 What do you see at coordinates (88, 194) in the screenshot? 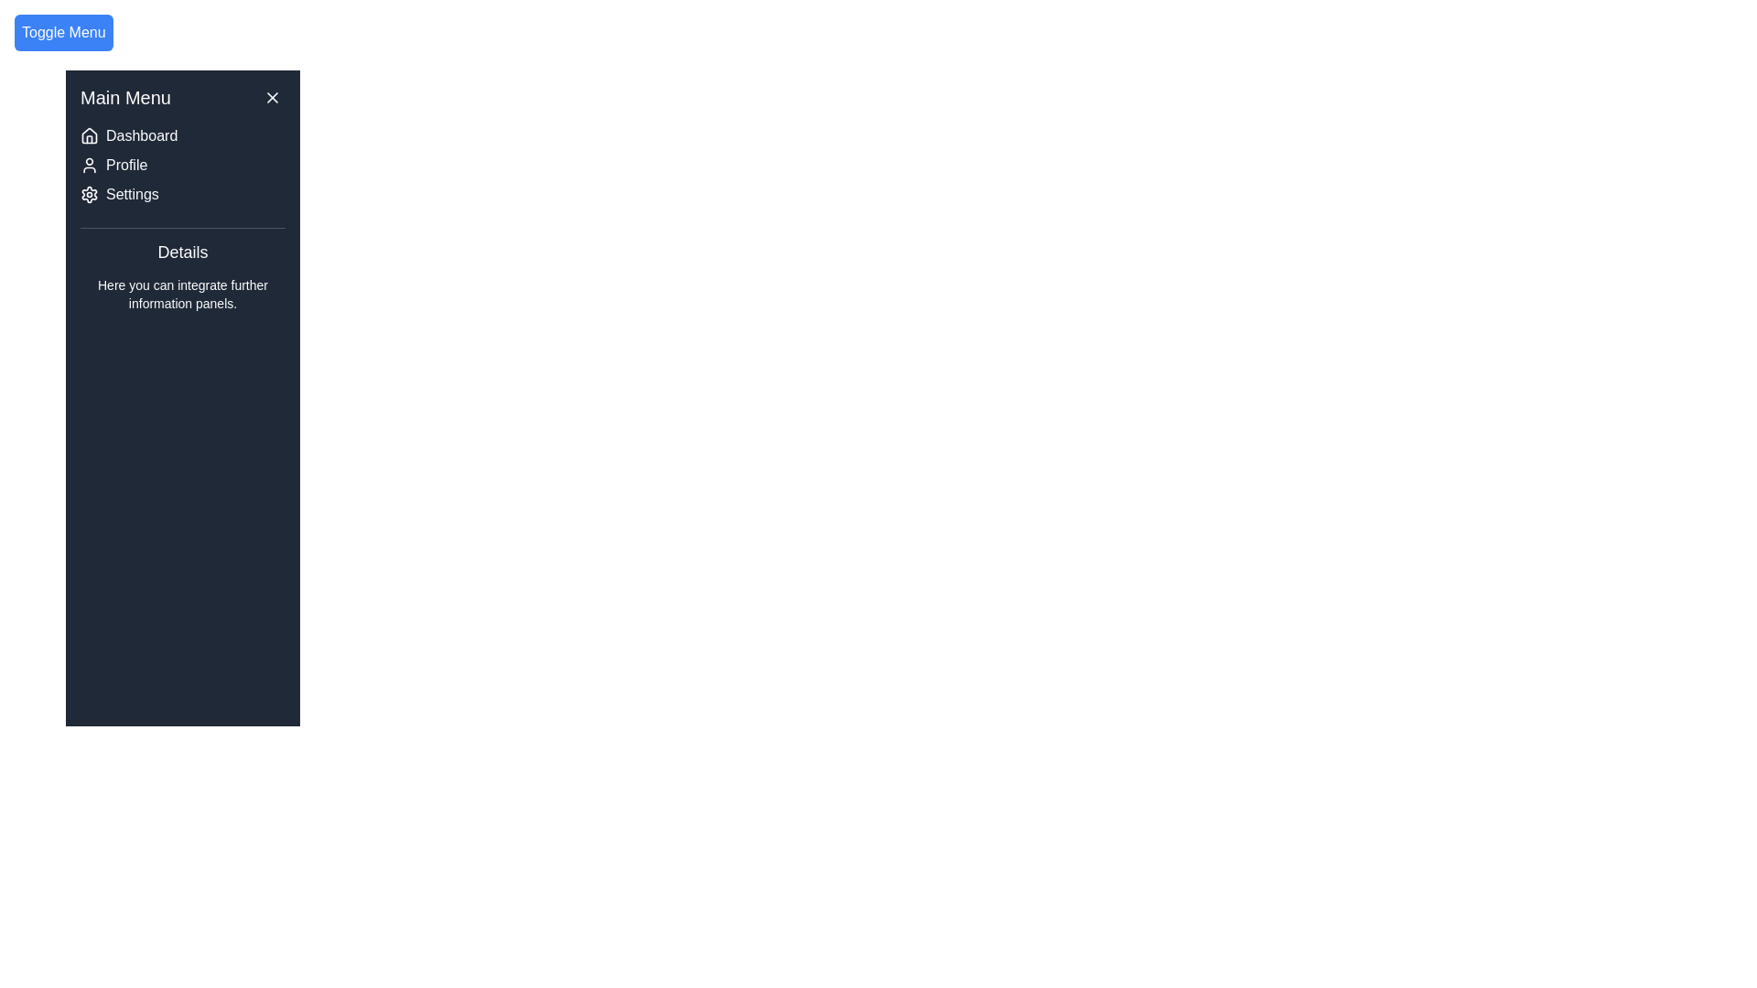
I see `the 'Settings' icon located on the left-side menu, which serves as the button` at bounding box center [88, 194].